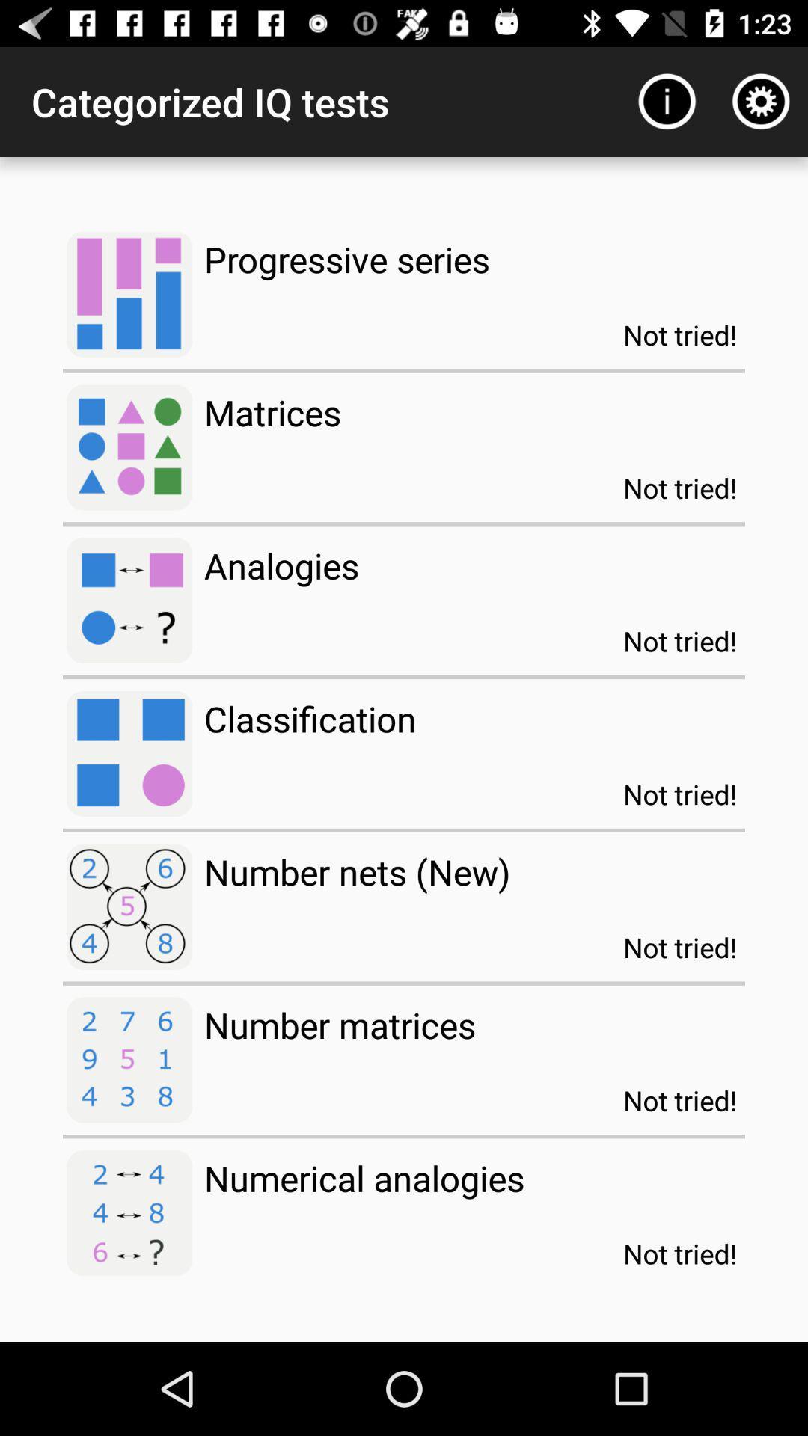  I want to click on classification app, so click(309, 719).